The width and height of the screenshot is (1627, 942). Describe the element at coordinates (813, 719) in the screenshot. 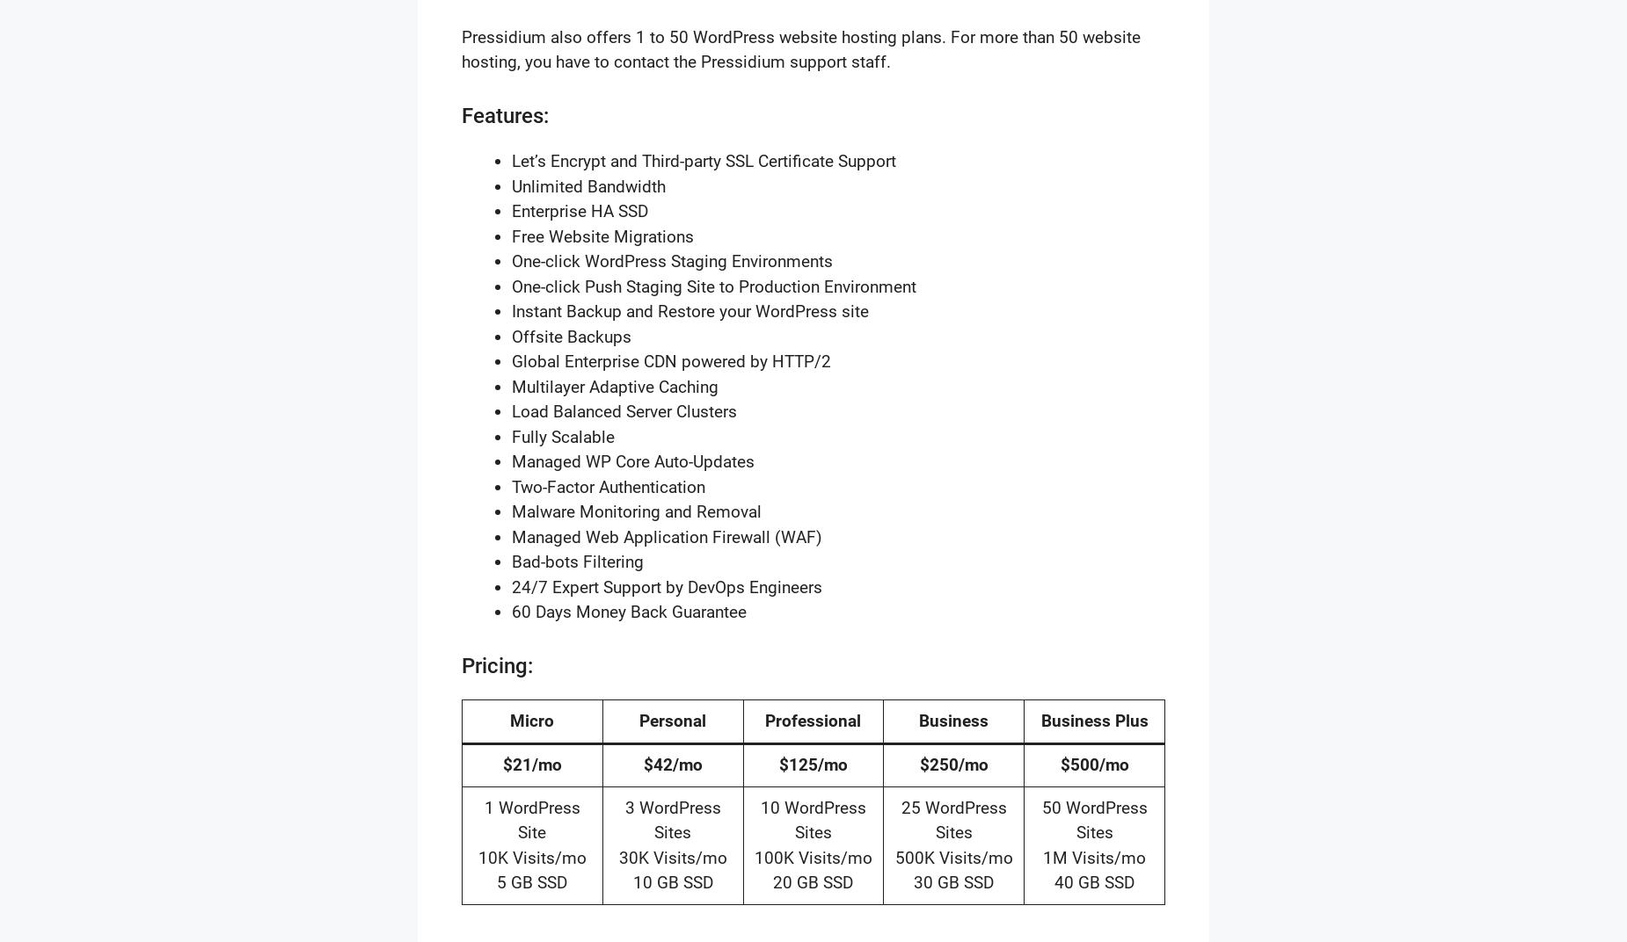

I see `'Professional'` at that location.